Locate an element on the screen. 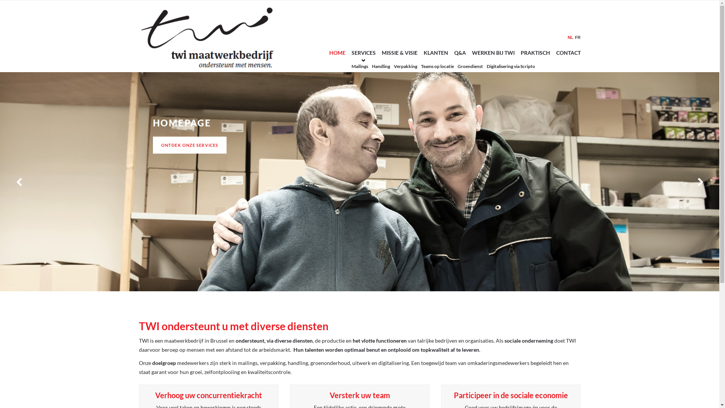  'FR' is located at coordinates (576, 37).